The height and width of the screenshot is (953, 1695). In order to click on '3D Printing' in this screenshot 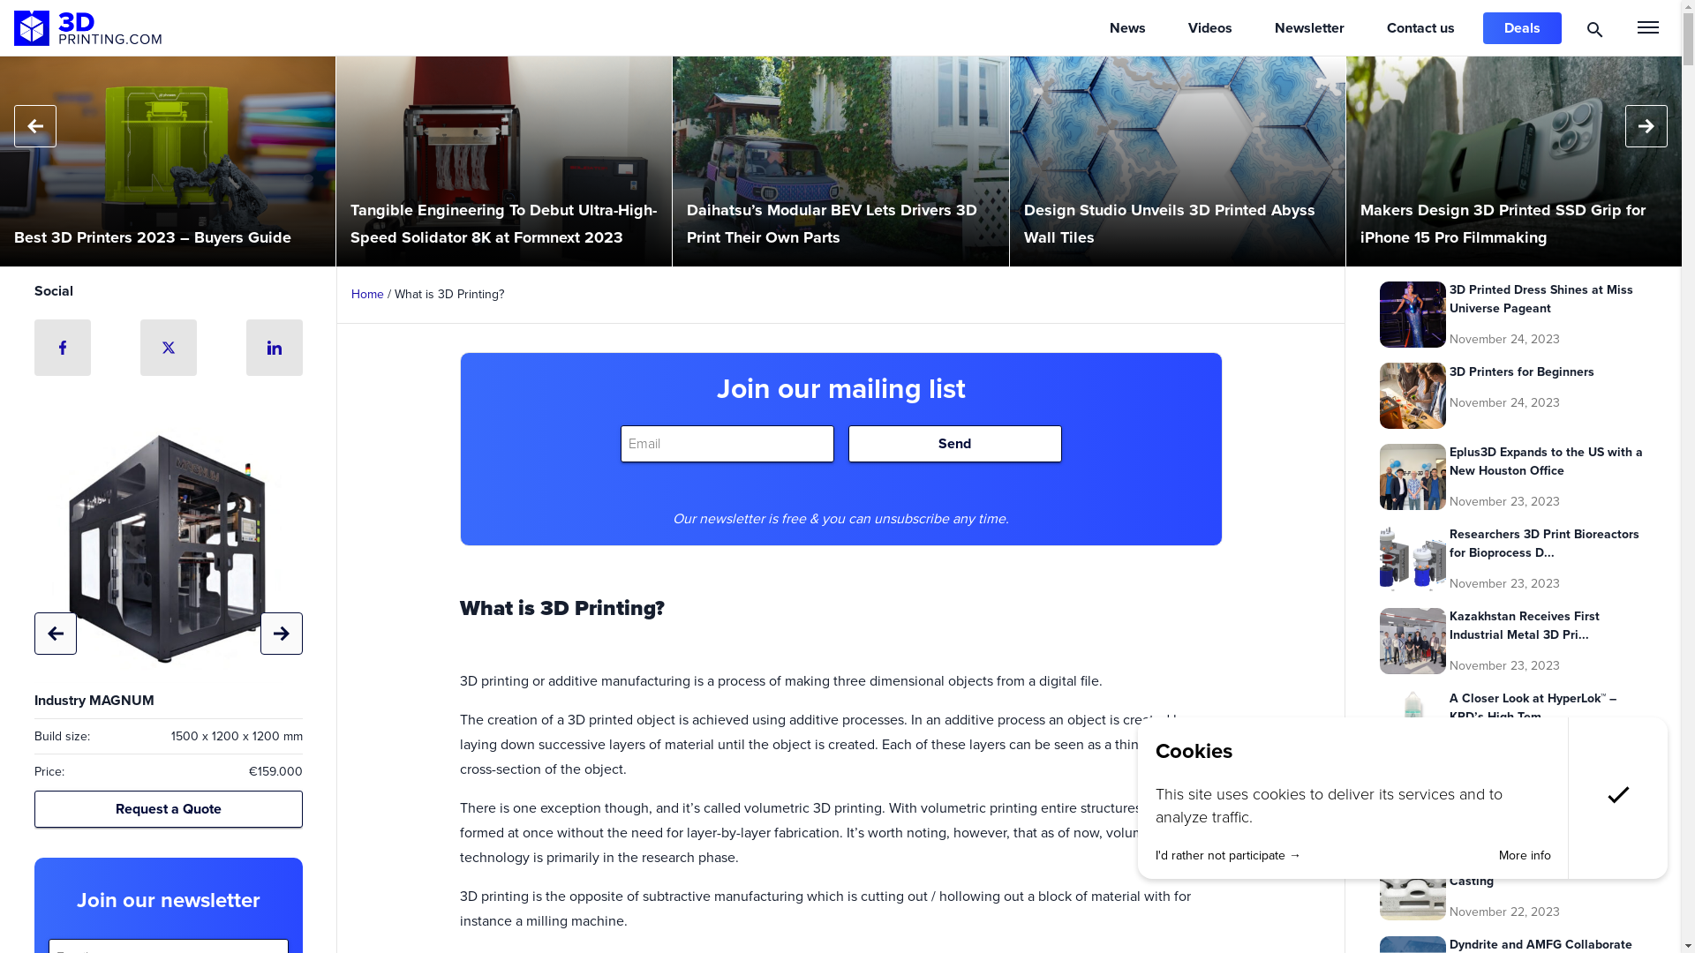, I will do `click(87, 27)`.